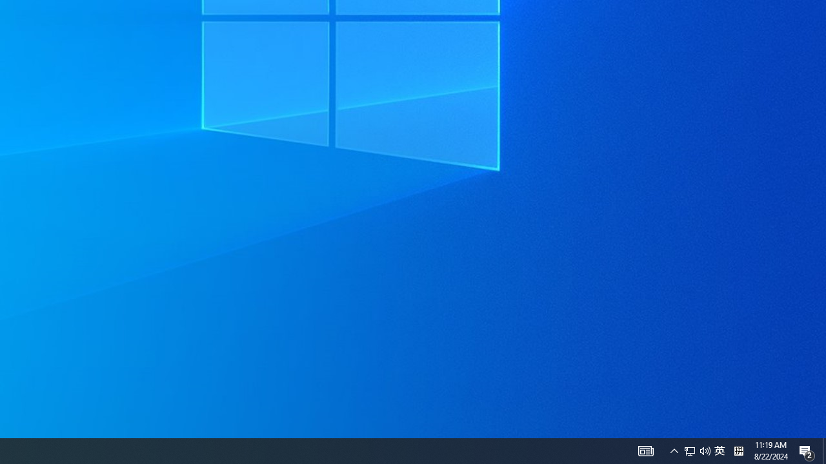  Describe the element at coordinates (738, 450) in the screenshot. I see `'Tray Input Indicator - Chinese (Simplified, China)'` at that location.